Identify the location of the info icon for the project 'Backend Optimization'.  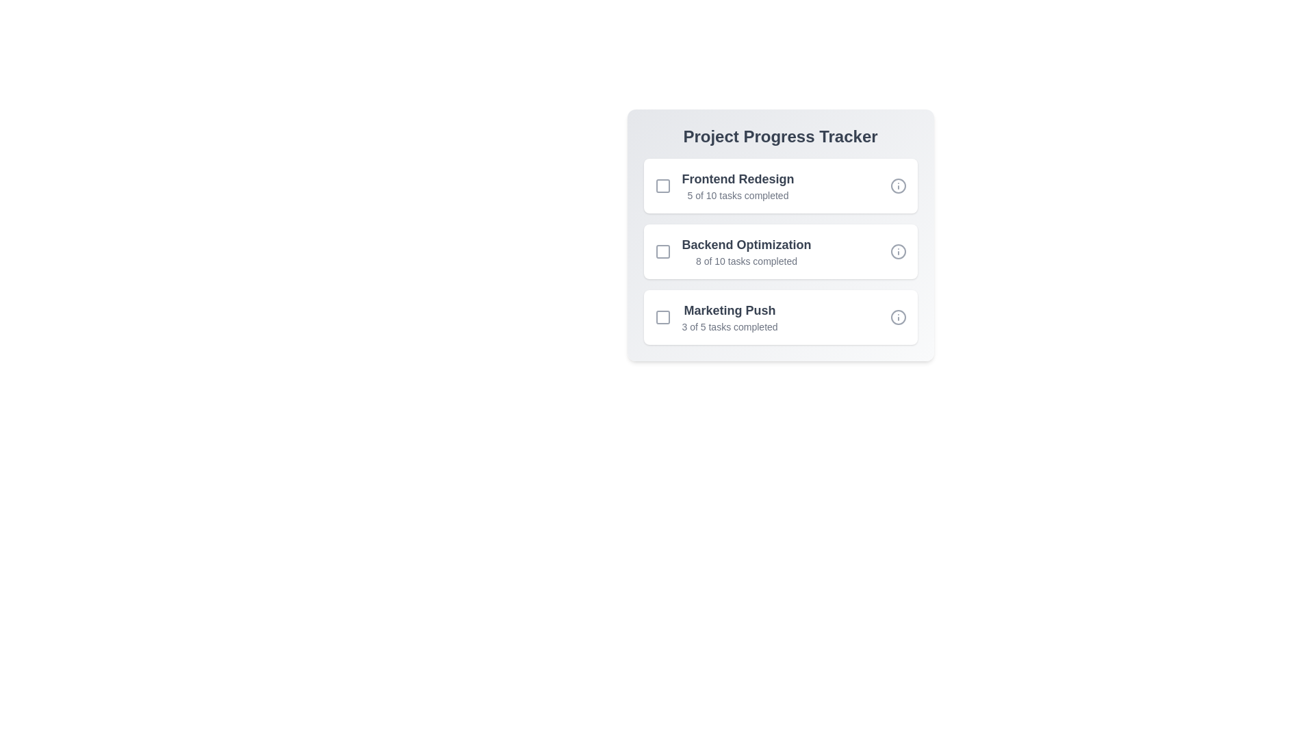
(898, 251).